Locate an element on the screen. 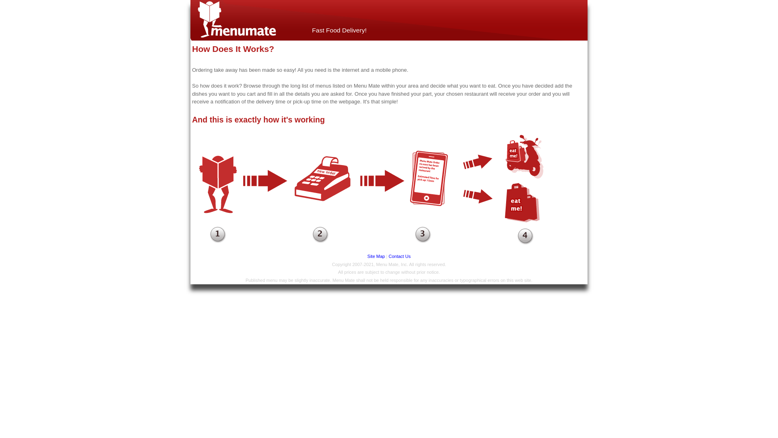 The height and width of the screenshot is (438, 778). 'Contact Us' is located at coordinates (388, 256).